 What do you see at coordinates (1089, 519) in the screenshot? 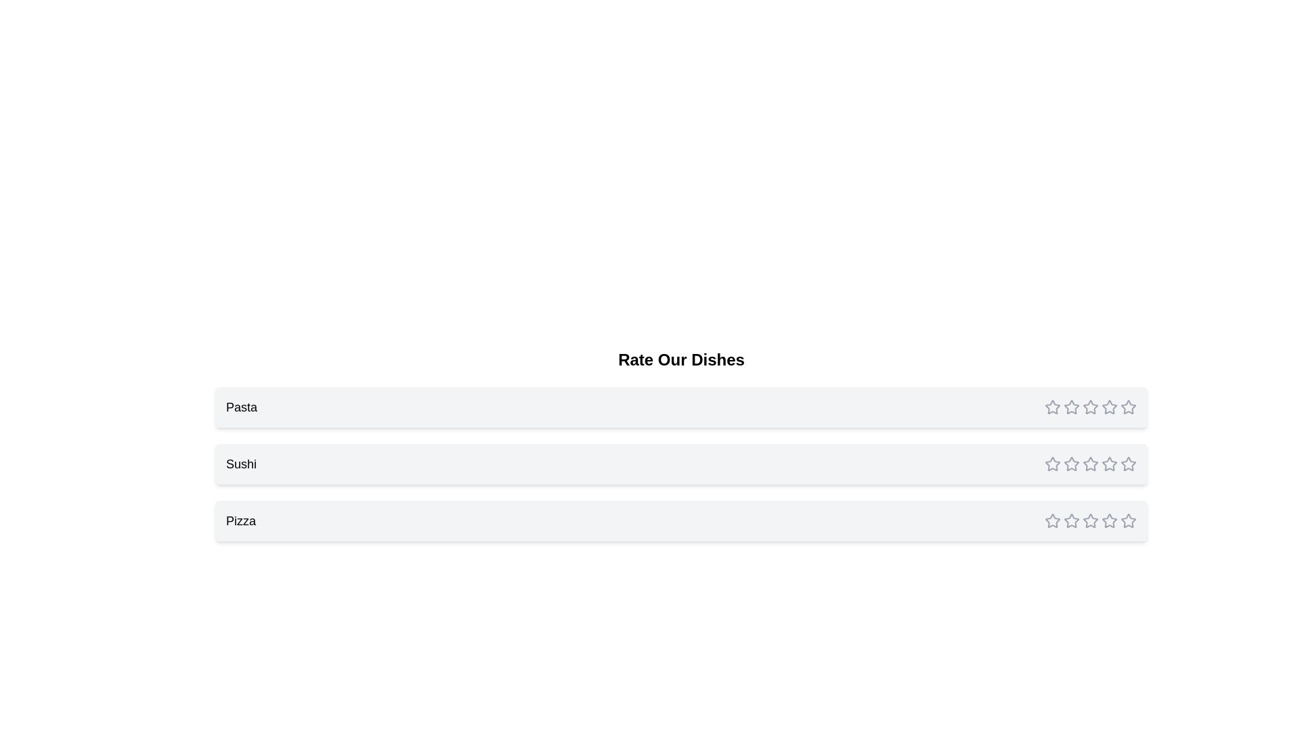
I see `the third star icon in the rating system for the 'Pizza' category` at bounding box center [1089, 519].